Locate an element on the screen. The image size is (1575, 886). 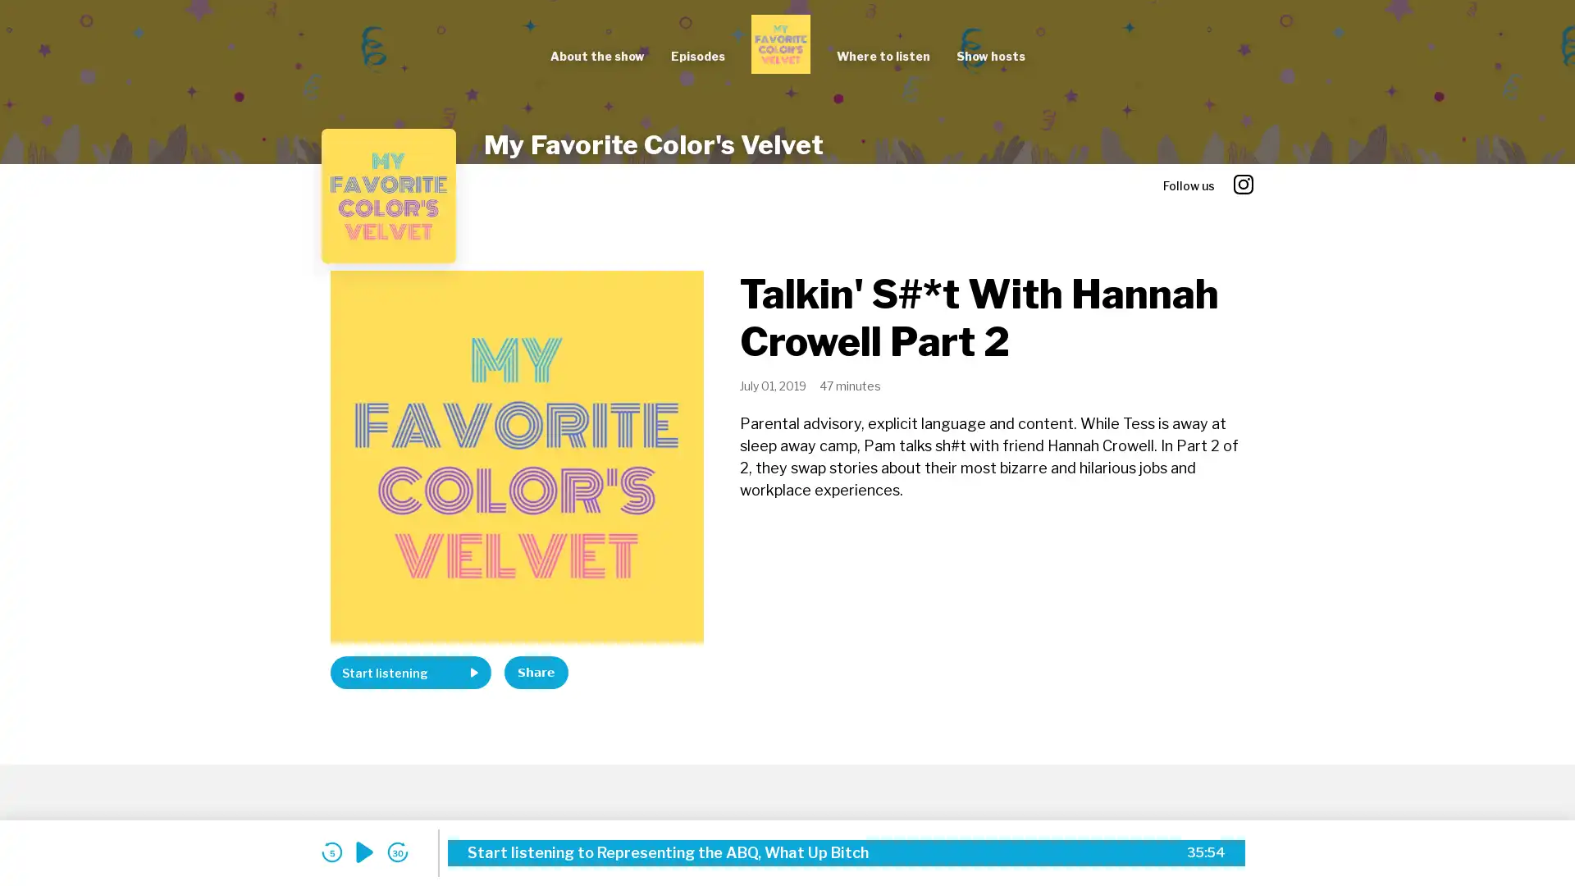
play audio is located at coordinates (364, 852).